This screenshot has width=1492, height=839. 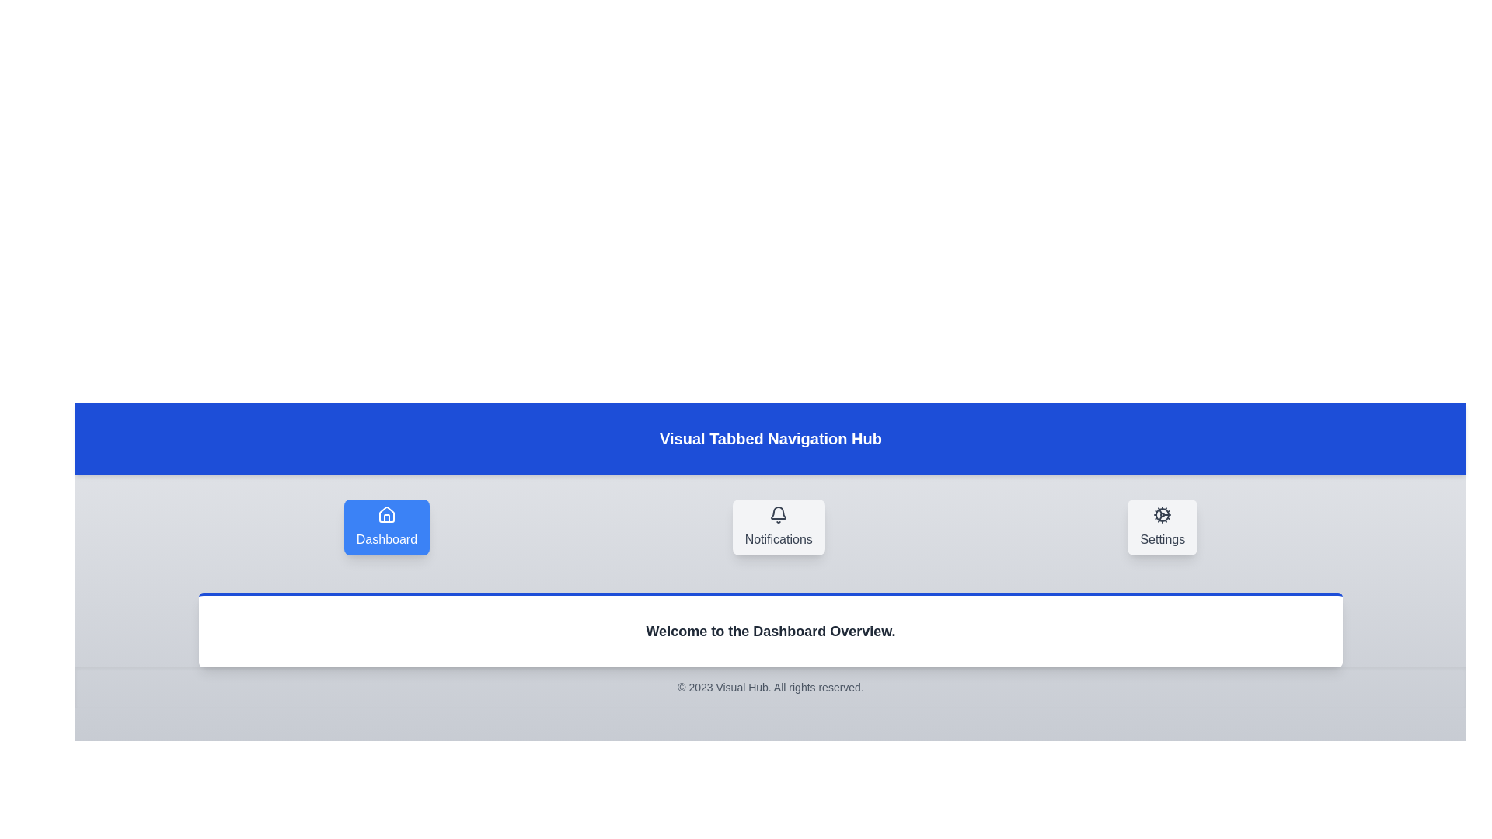 I want to click on the text label displaying 'Settings', which is styled in gray and positioned below a cogwheel icon, indicating a configuration feature, so click(x=1163, y=538).